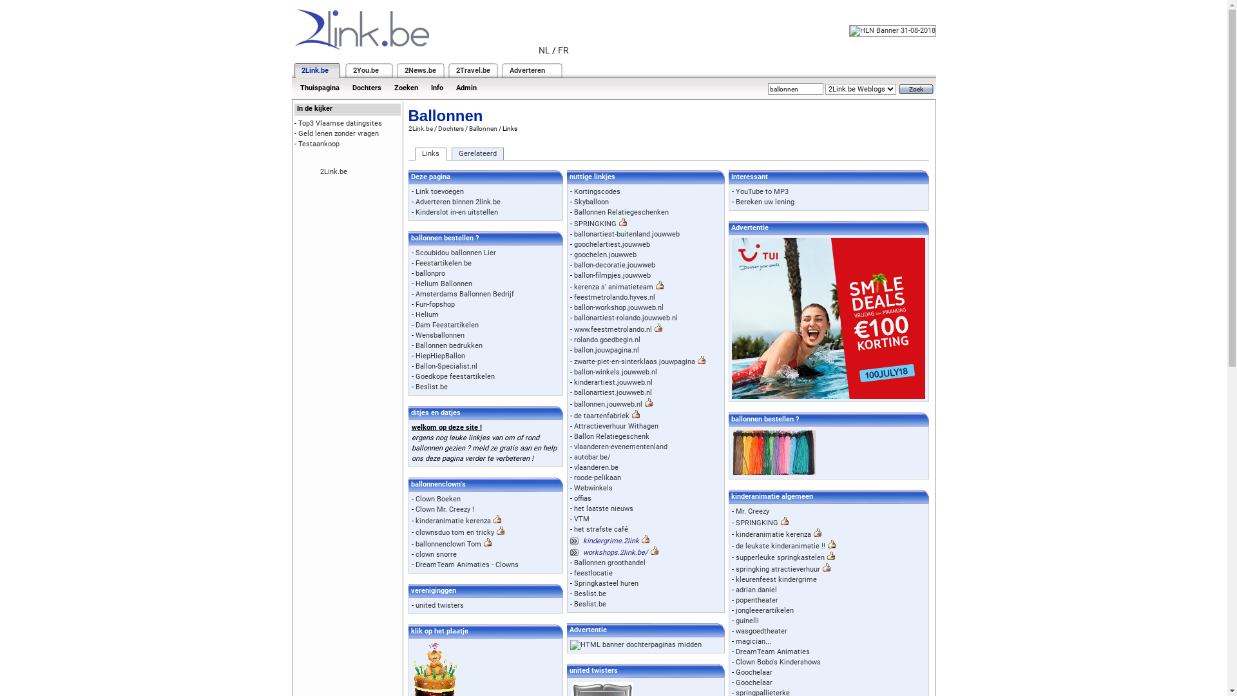 This screenshot has height=696, width=1237. I want to click on 'Webwinkels', so click(593, 488).